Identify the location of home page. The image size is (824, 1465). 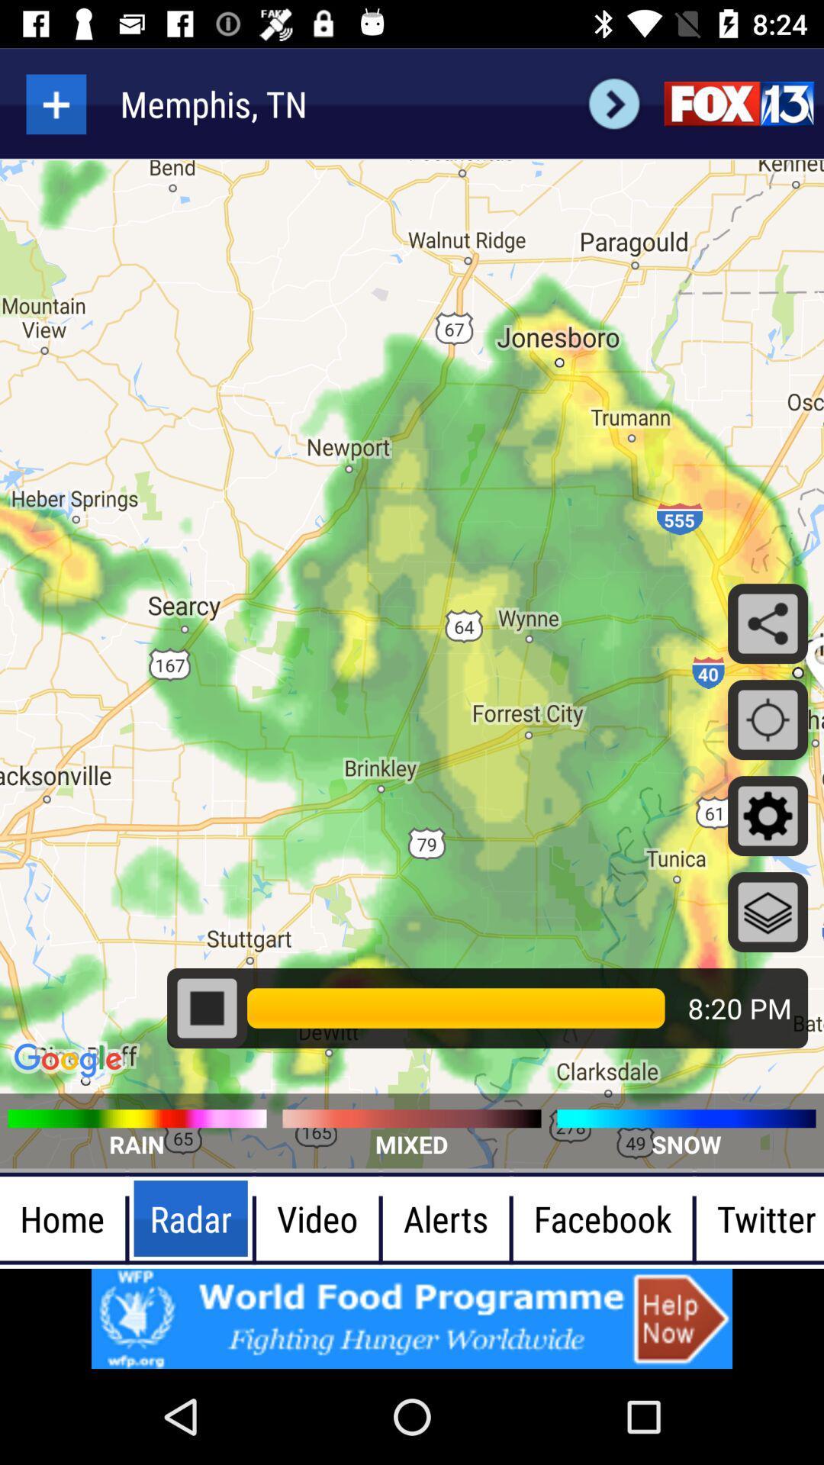
(738, 103).